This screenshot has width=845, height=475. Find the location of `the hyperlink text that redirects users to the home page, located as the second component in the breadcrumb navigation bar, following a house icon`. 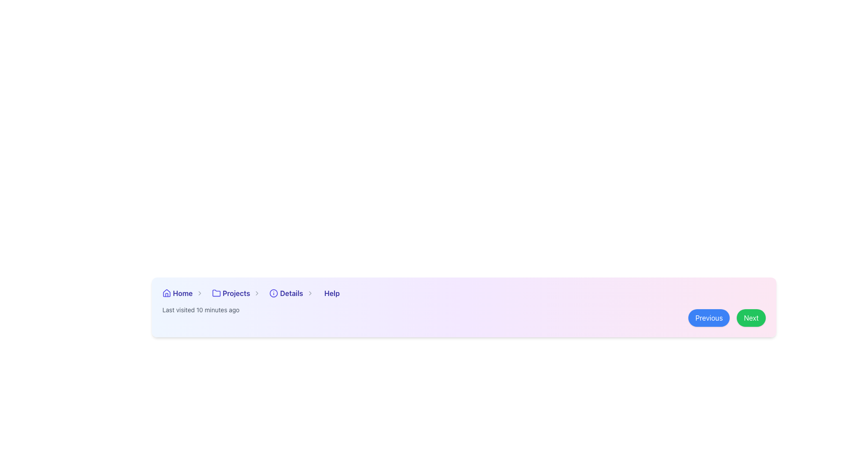

the hyperlink text that redirects users to the home page, located as the second component in the breadcrumb navigation bar, following a house icon is located at coordinates (182, 293).